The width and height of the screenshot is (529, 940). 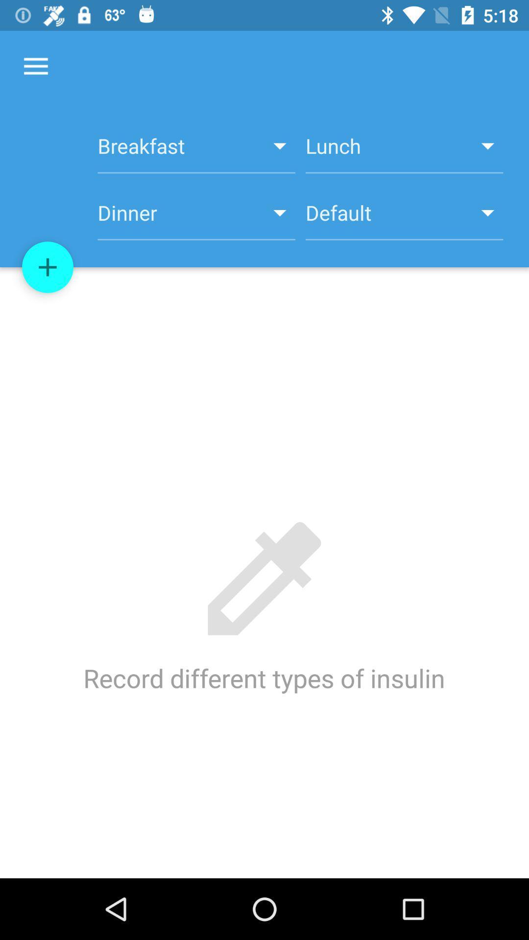 What do you see at coordinates (48, 267) in the screenshot?
I see `record` at bounding box center [48, 267].